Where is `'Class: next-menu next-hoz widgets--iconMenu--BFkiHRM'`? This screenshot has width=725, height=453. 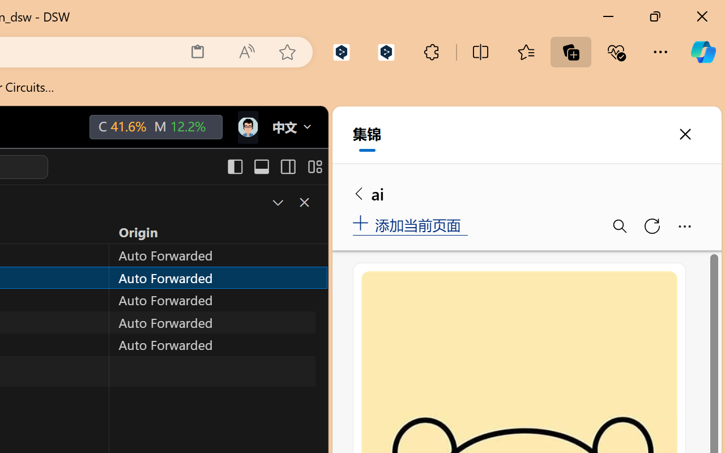
'Class: next-menu next-hoz widgets--iconMenu--BFkiHRM' is located at coordinates (246, 127).